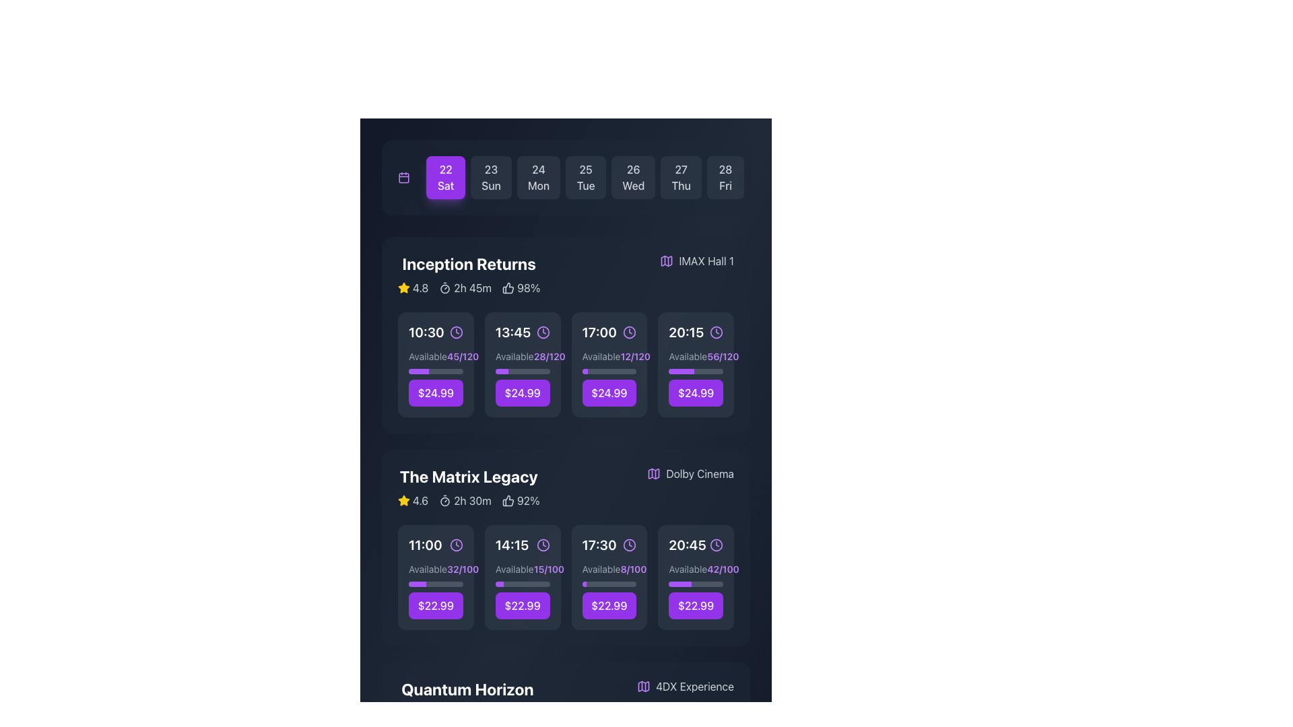 Image resolution: width=1293 pixels, height=727 pixels. What do you see at coordinates (695, 686) in the screenshot?
I see `the text label reading '4DX Experience'` at bounding box center [695, 686].